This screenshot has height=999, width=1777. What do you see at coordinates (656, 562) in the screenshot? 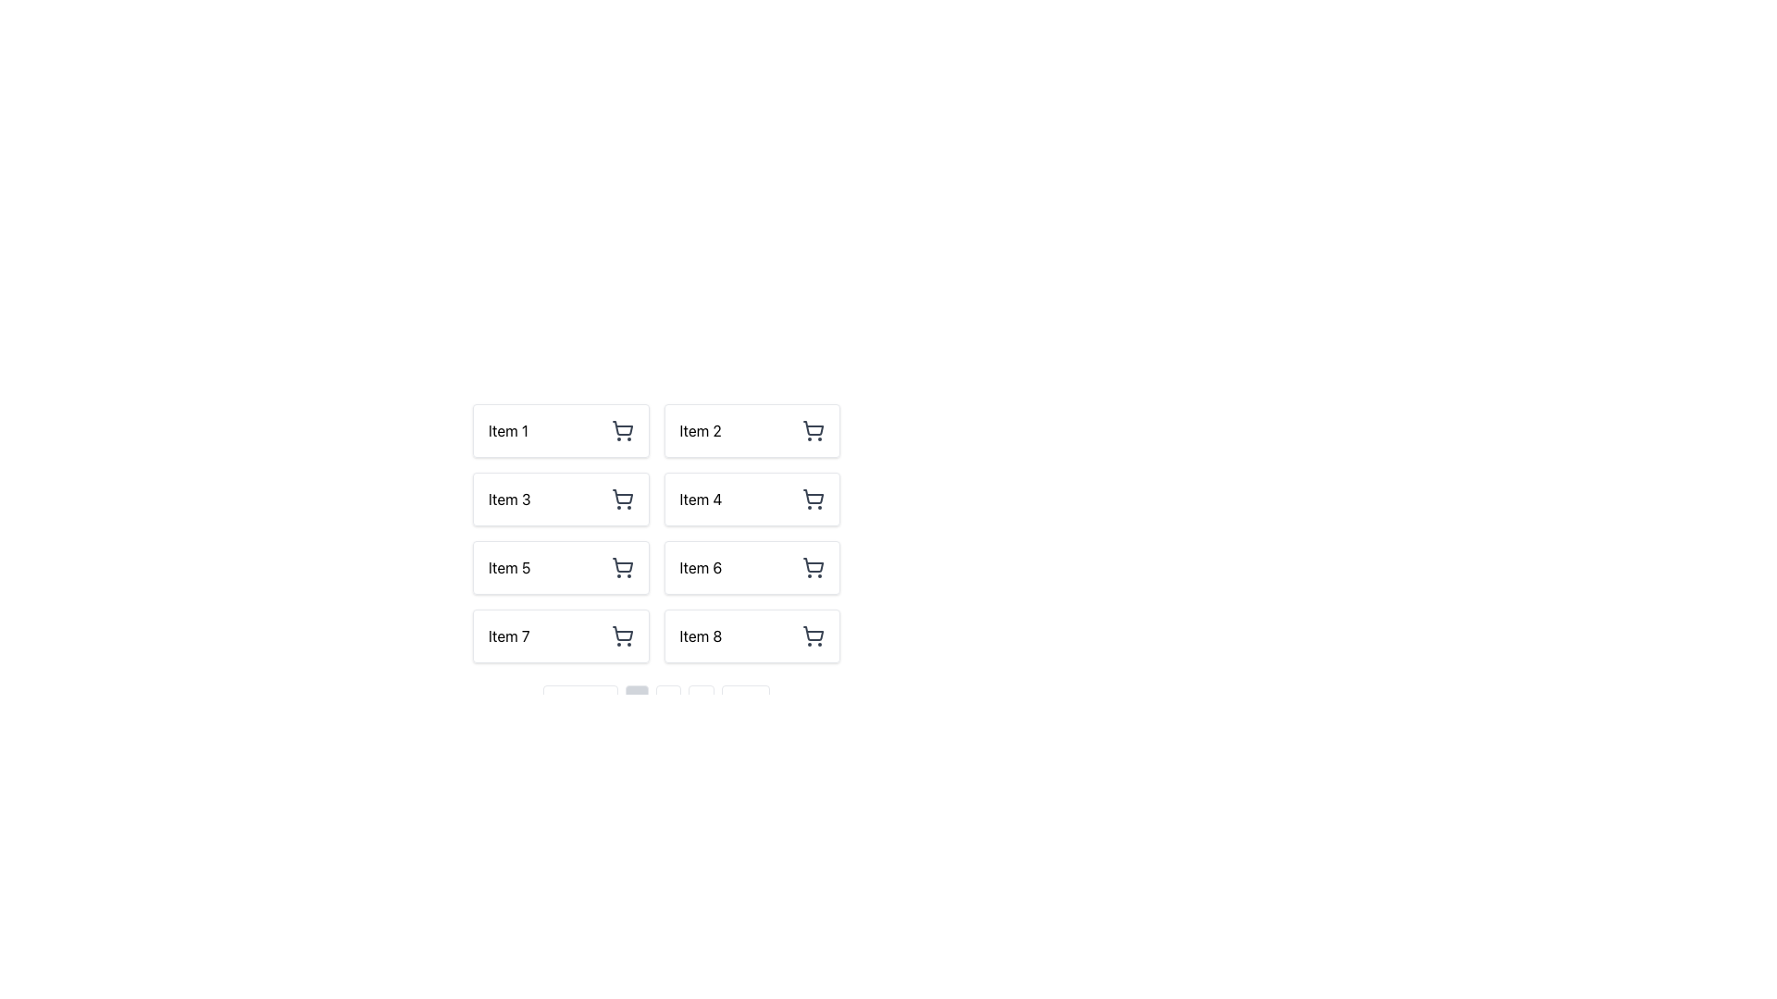
I see `the text in the List/Grid Item located at the fifth row and second column of the grid` at bounding box center [656, 562].